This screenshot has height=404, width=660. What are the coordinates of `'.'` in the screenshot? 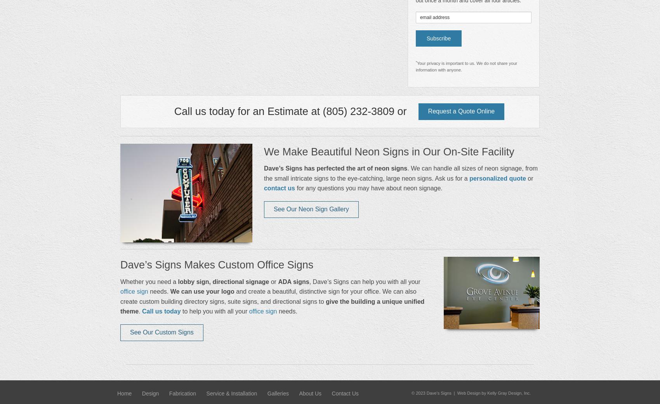 It's located at (140, 311).